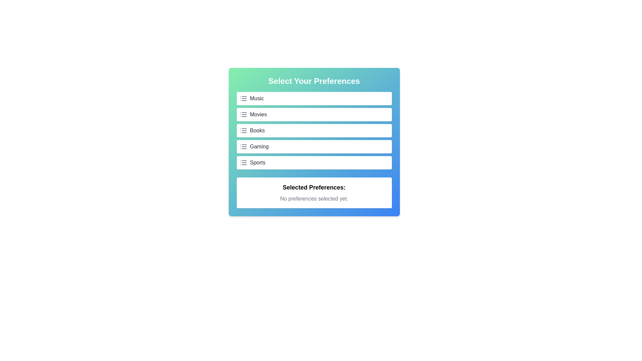 The width and height of the screenshot is (642, 361). I want to click on the fourth option in the vertically arranged list of preference choices, which is a button-like element with a gradient background and white text and icon, so click(314, 141).